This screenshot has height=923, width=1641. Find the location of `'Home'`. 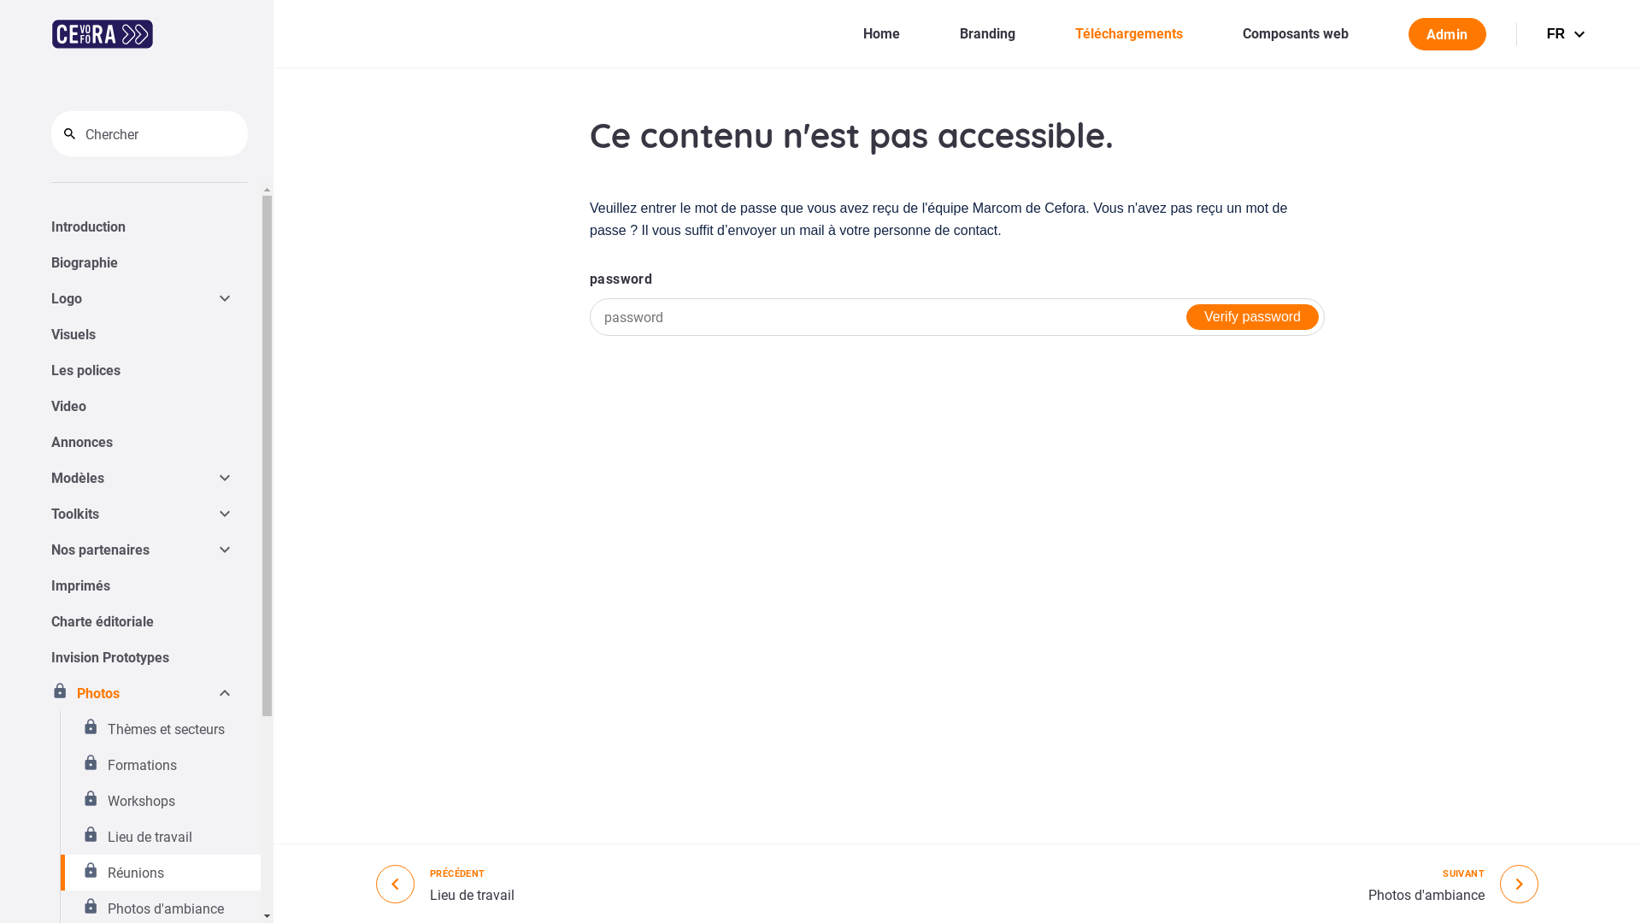

'Home' is located at coordinates (862, 32).